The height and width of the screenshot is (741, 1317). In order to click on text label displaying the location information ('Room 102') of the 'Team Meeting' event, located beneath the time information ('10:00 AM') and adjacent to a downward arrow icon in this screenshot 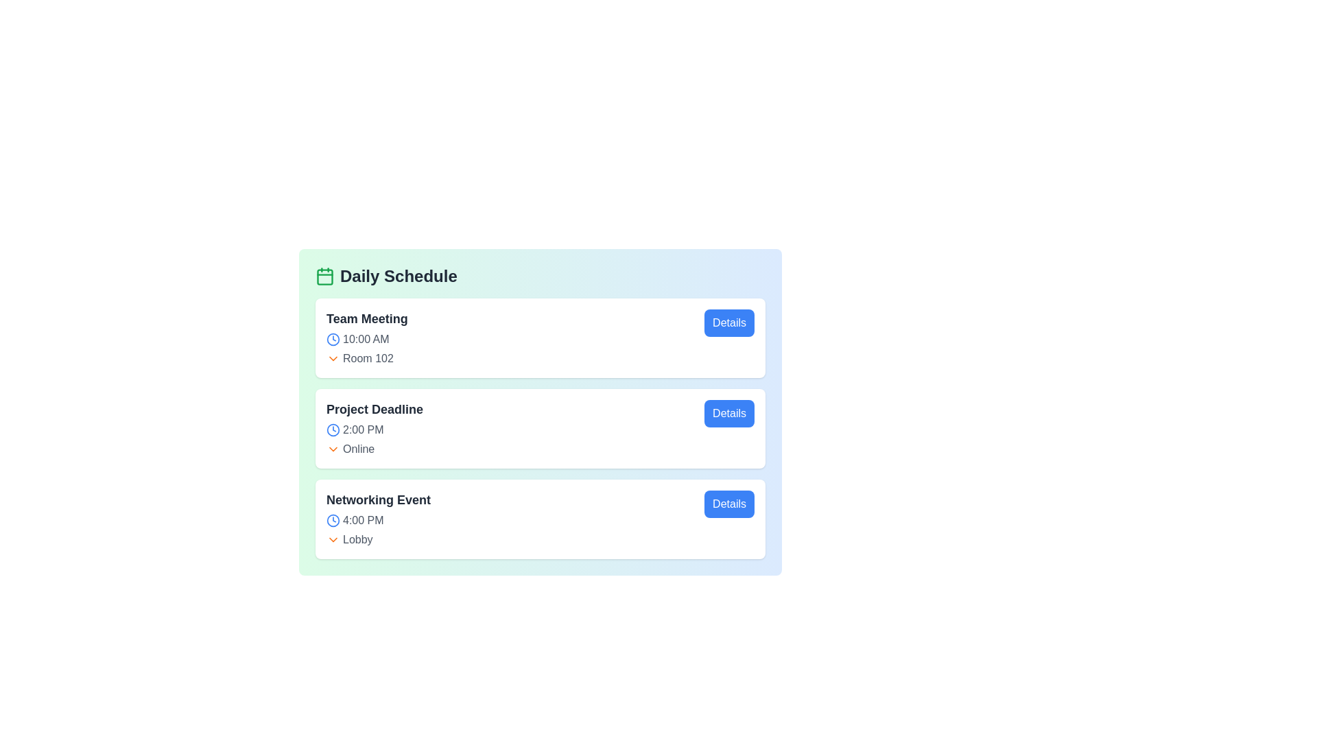, I will do `click(368, 358)`.